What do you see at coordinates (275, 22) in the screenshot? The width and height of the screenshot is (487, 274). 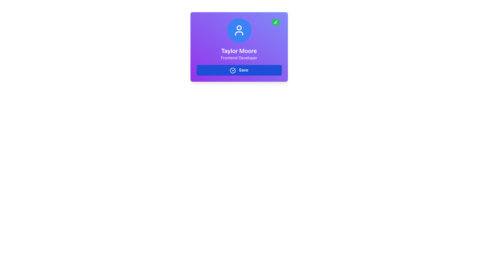 I see `the edit icon located in the top-right corner of the purple card displaying the name 'Taylor Moore' and the title 'Frontend Developer'` at bounding box center [275, 22].